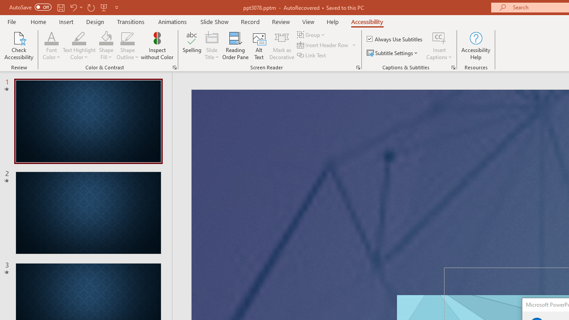 The height and width of the screenshot is (320, 569). Describe the element at coordinates (51, 37) in the screenshot. I see `'Font Color'` at that location.